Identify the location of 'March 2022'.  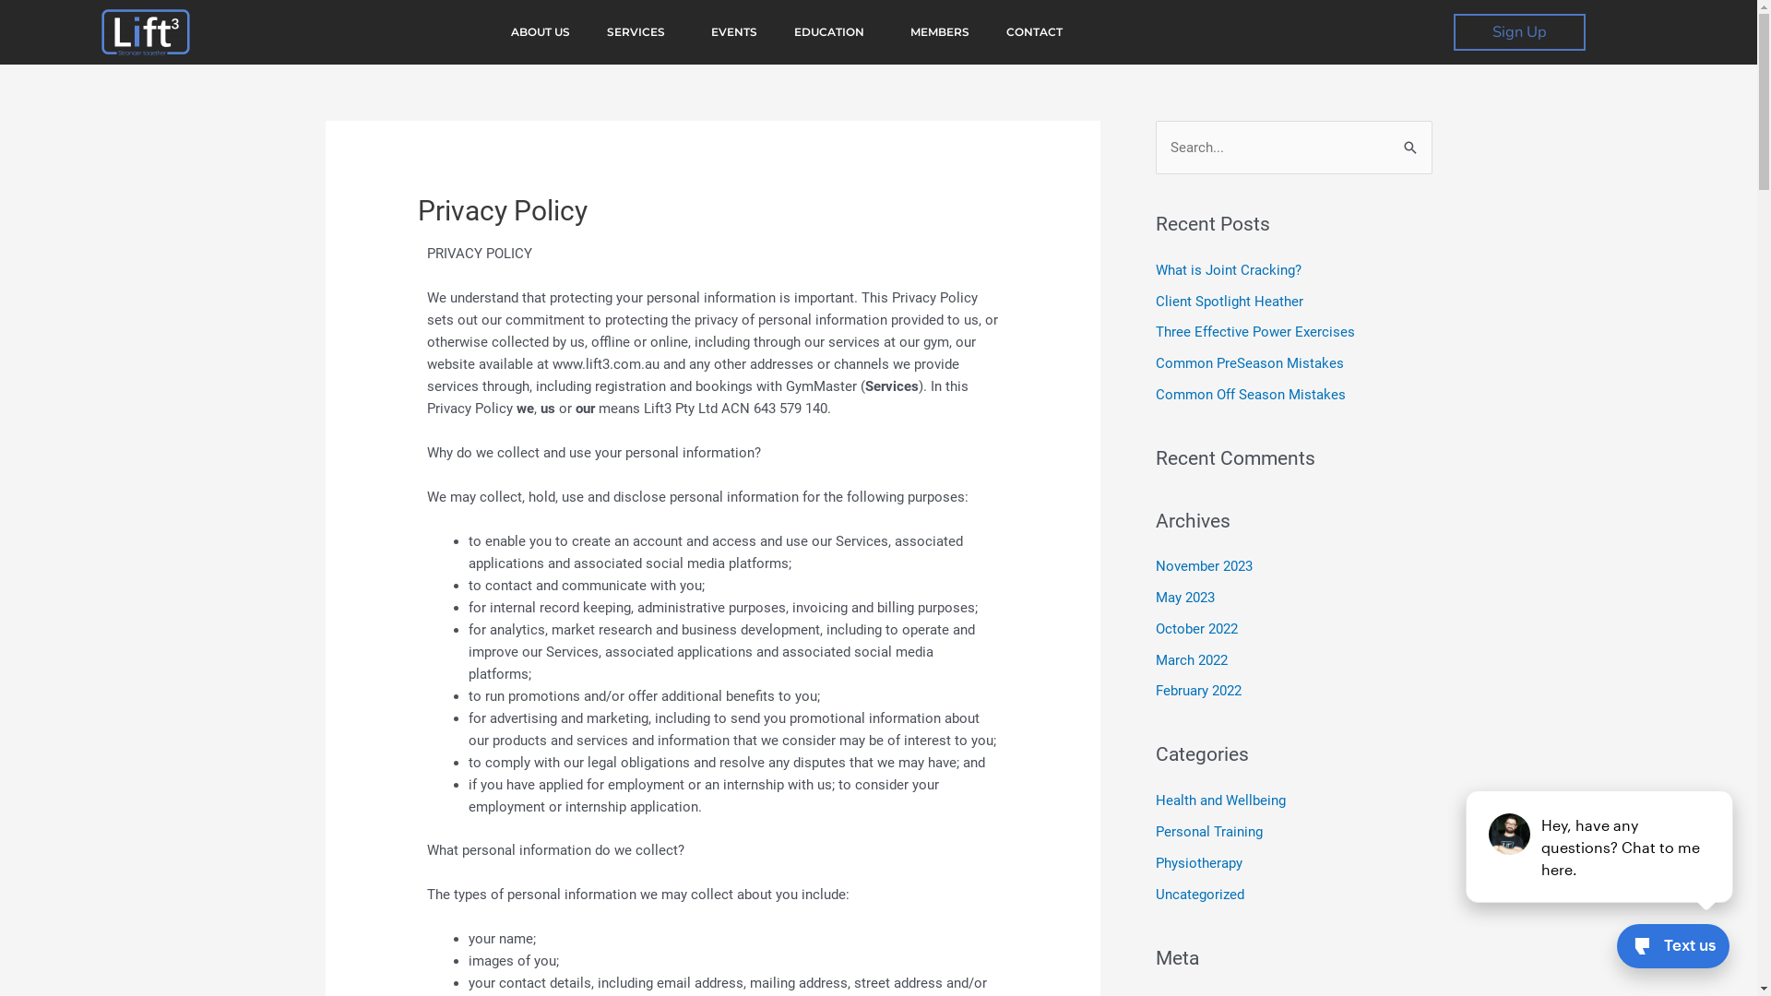
(1191, 659).